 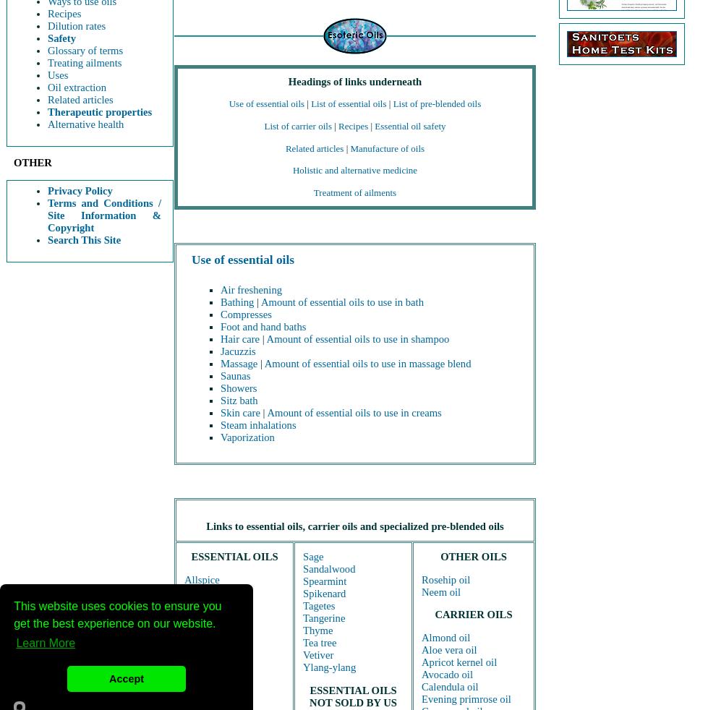 What do you see at coordinates (263, 327) in the screenshot?
I see `'Foot and hand baths'` at bounding box center [263, 327].